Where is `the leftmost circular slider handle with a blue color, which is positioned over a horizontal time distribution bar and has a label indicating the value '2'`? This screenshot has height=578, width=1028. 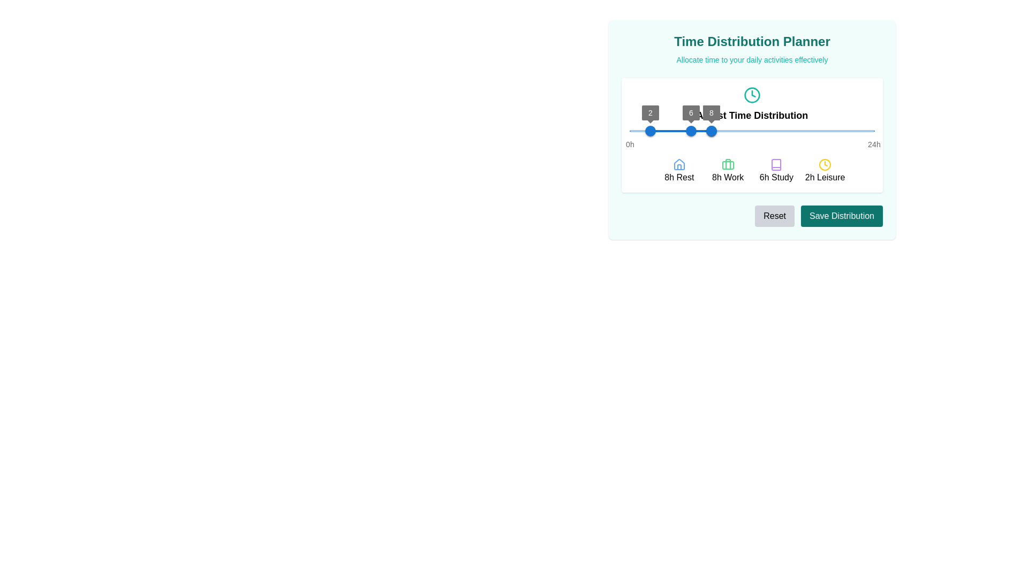
the leftmost circular slider handle with a blue color, which is positioned over a horizontal time distribution bar and has a label indicating the value '2' is located at coordinates (649, 131).